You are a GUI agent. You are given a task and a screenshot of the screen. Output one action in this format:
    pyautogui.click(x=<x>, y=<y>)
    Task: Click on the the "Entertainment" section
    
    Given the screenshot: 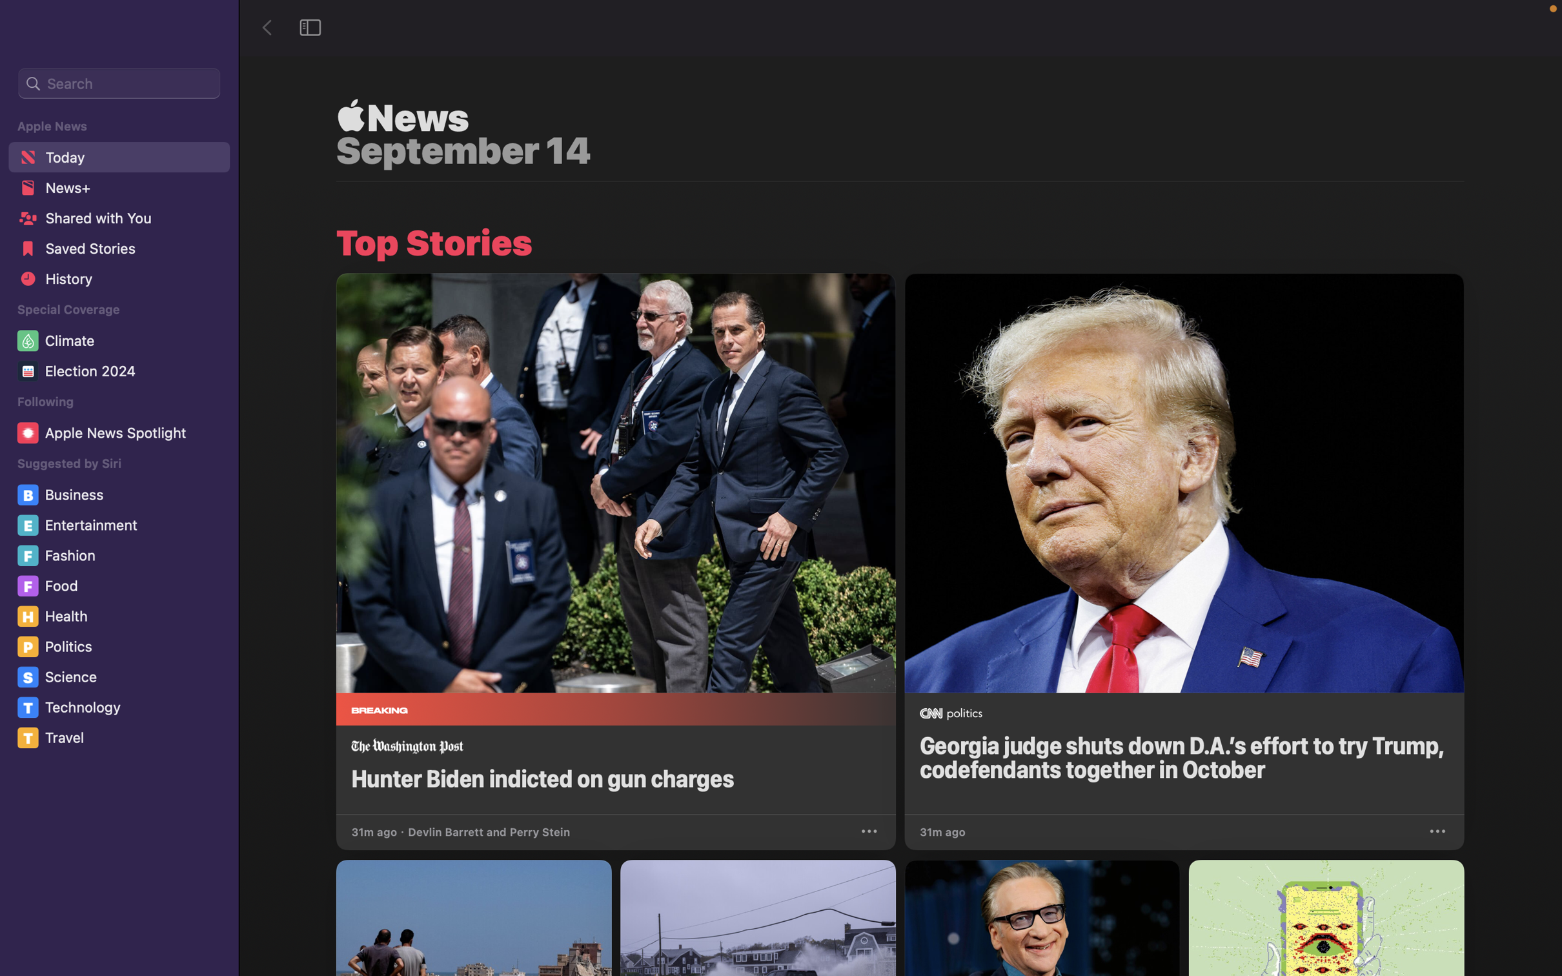 What is the action you would take?
    pyautogui.click(x=121, y=525)
    